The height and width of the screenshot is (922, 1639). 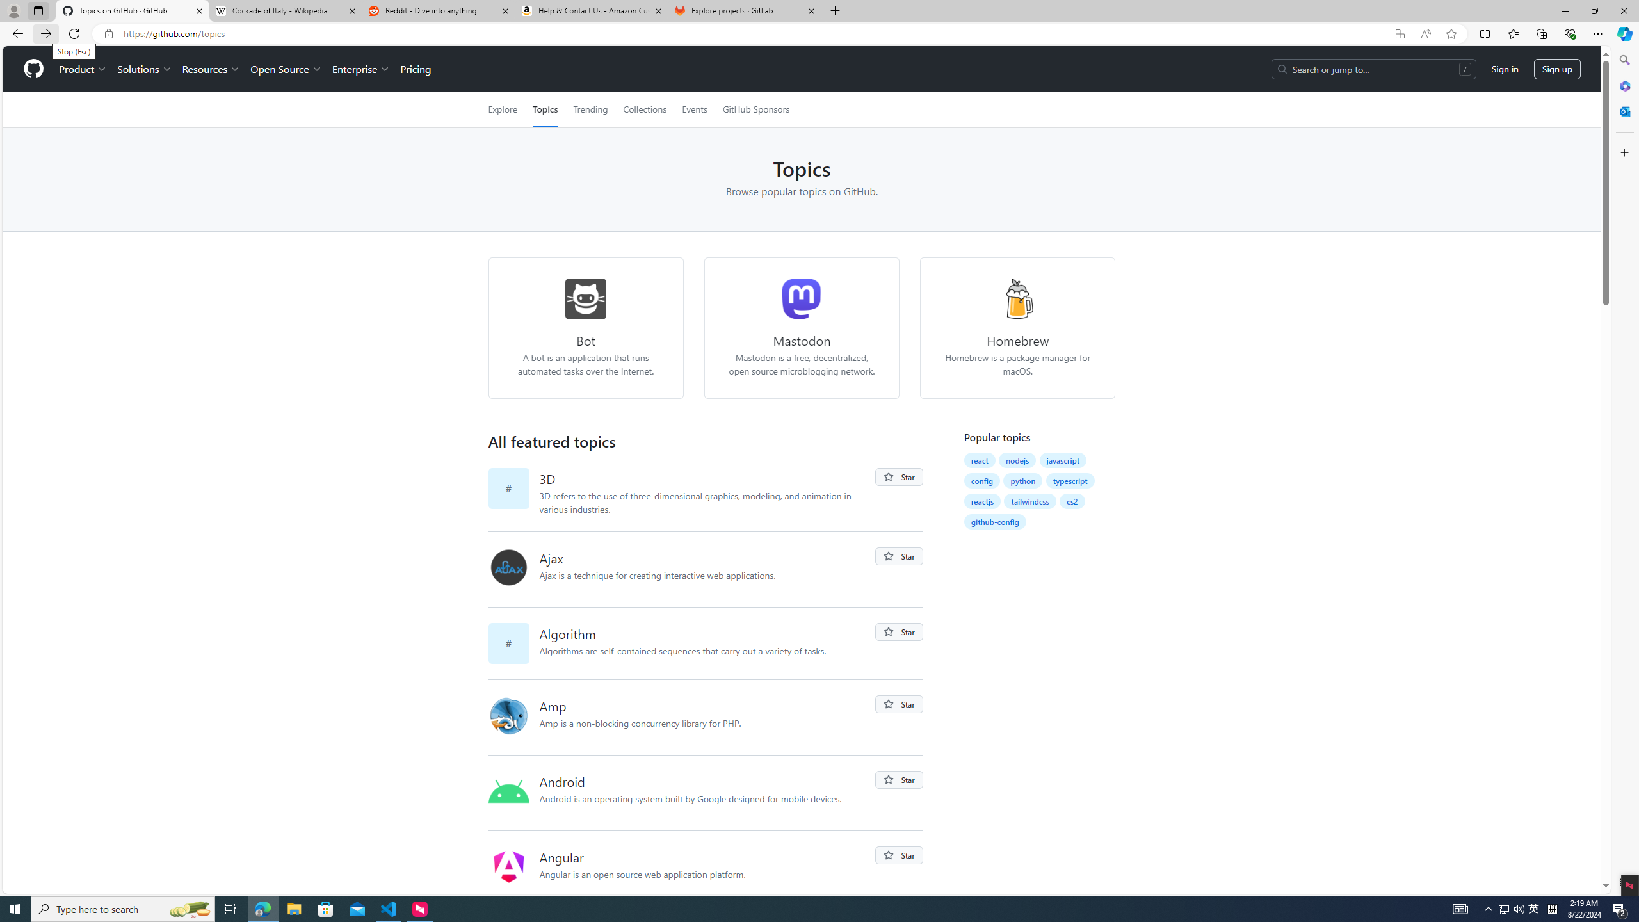 What do you see at coordinates (978, 460) in the screenshot?
I see `'react'` at bounding box center [978, 460].